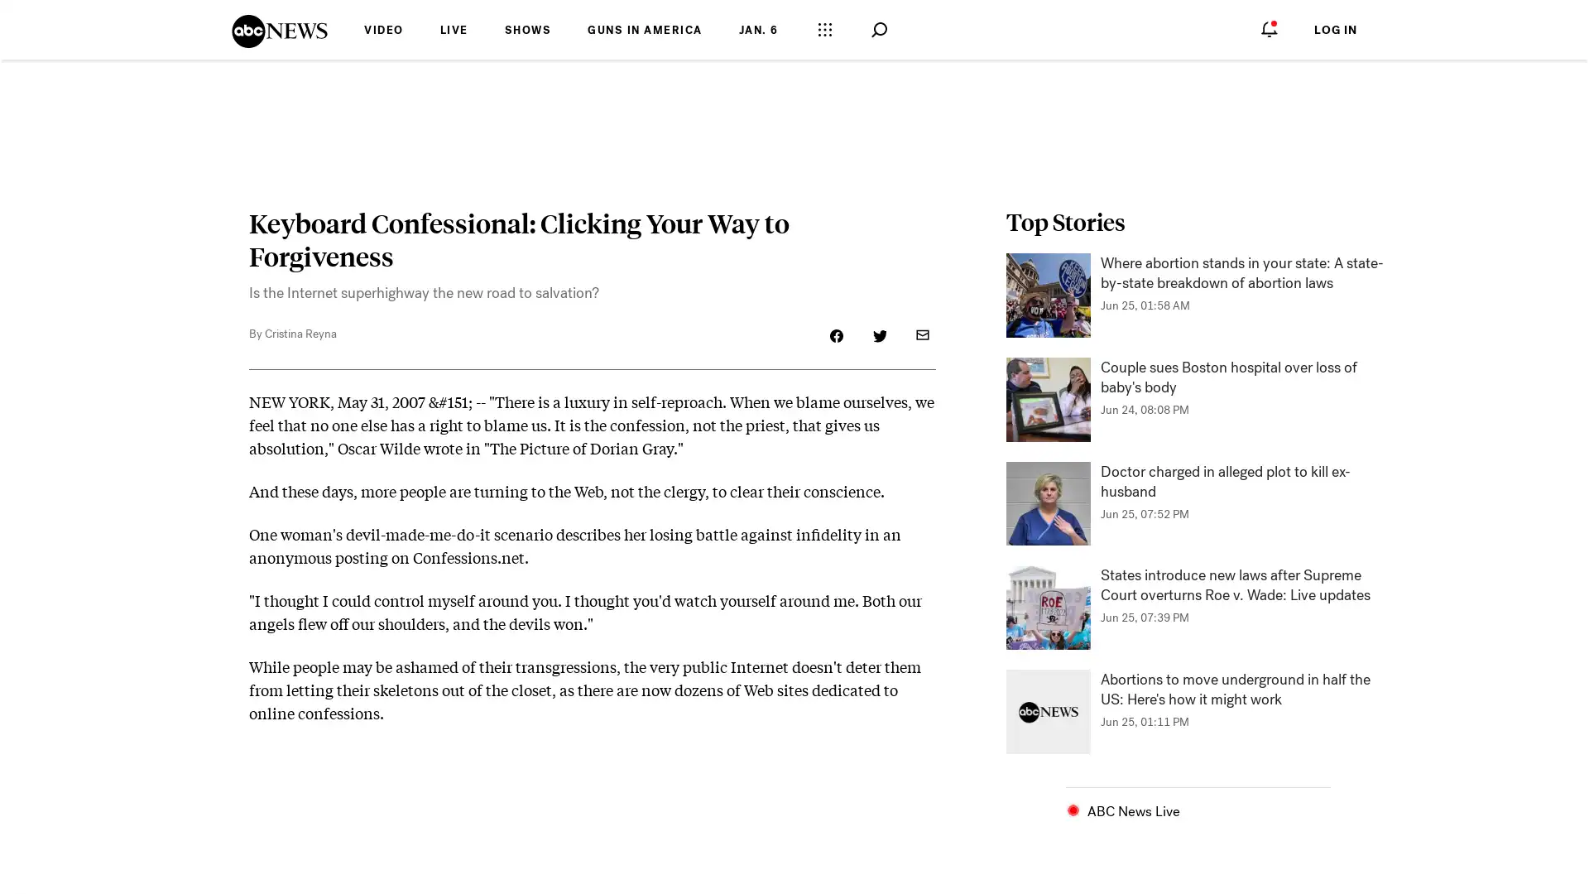 The width and height of the screenshot is (1589, 894). Describe the element at coordinates (1269, 28) in the screenshot. I see `notifications` at that location.